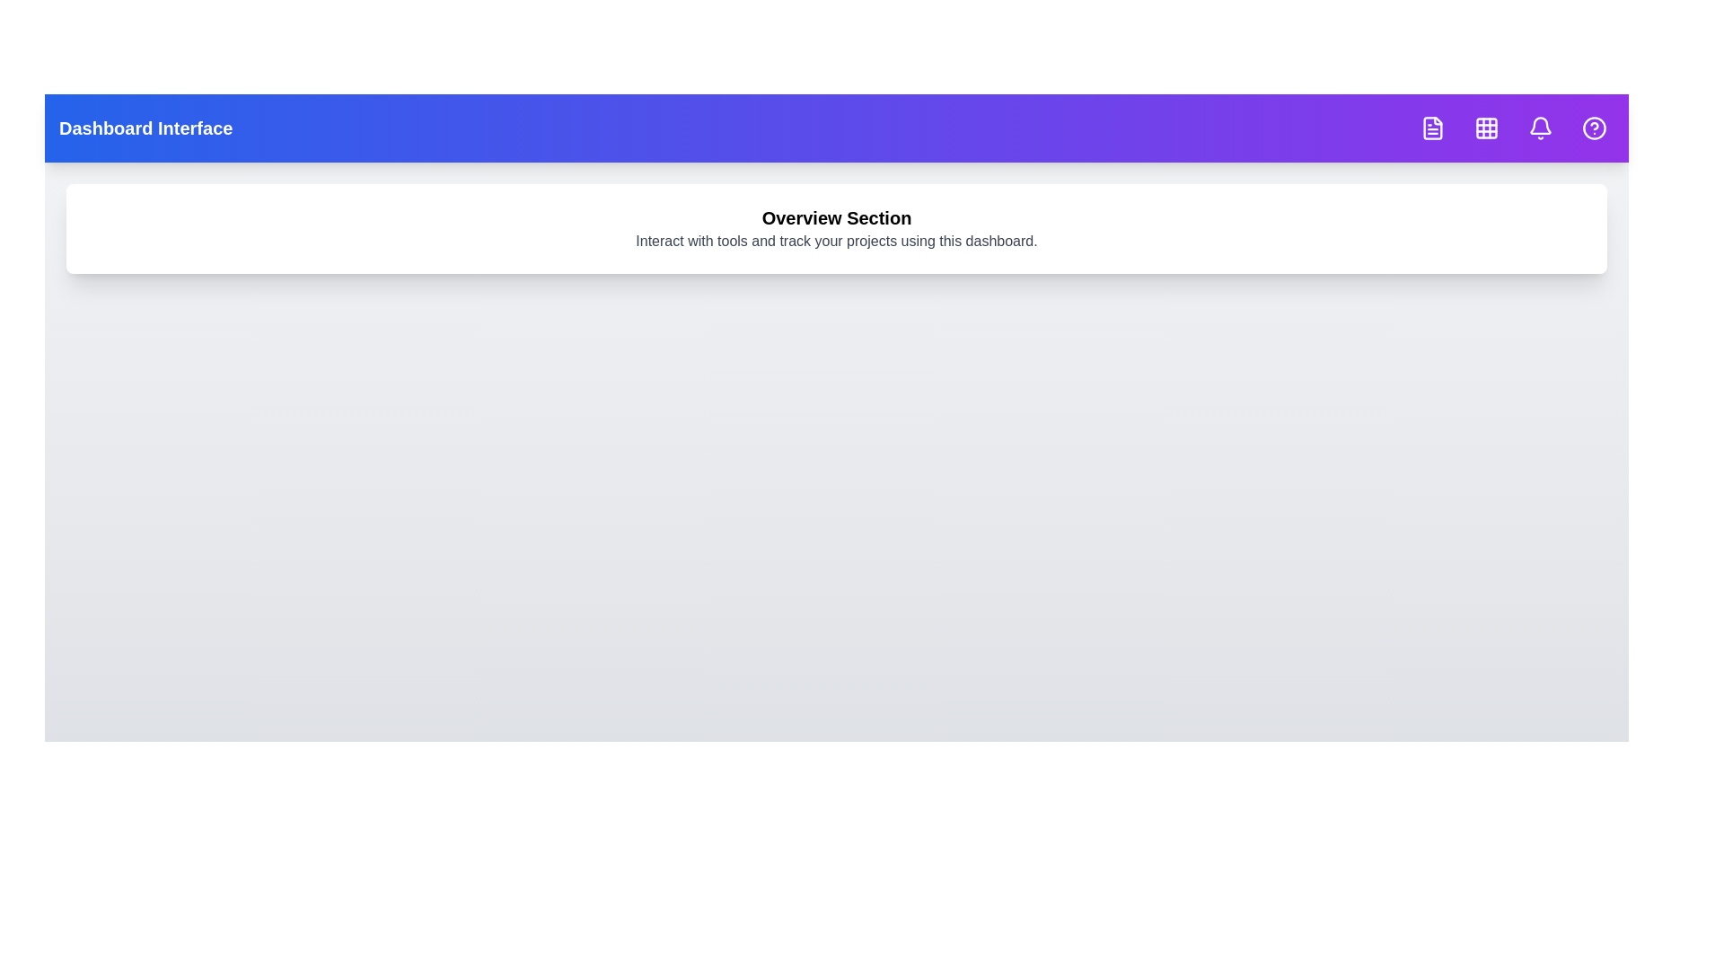 This screenshot has width=1724, height=970. I want to click on the navigation button corresponding to Grid, so click(1487, 127).